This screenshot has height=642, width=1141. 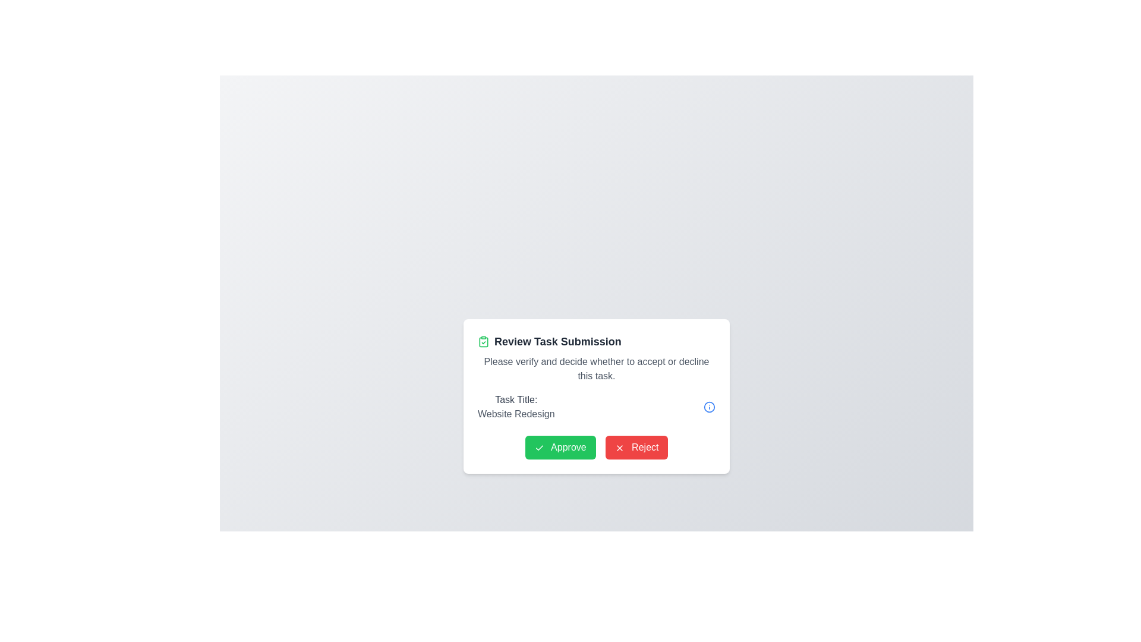 I want to click on the 'Reject' button located near the bottom of the modal, positioned as the second button from the left, to reject the task, so click(x=635, y=447).